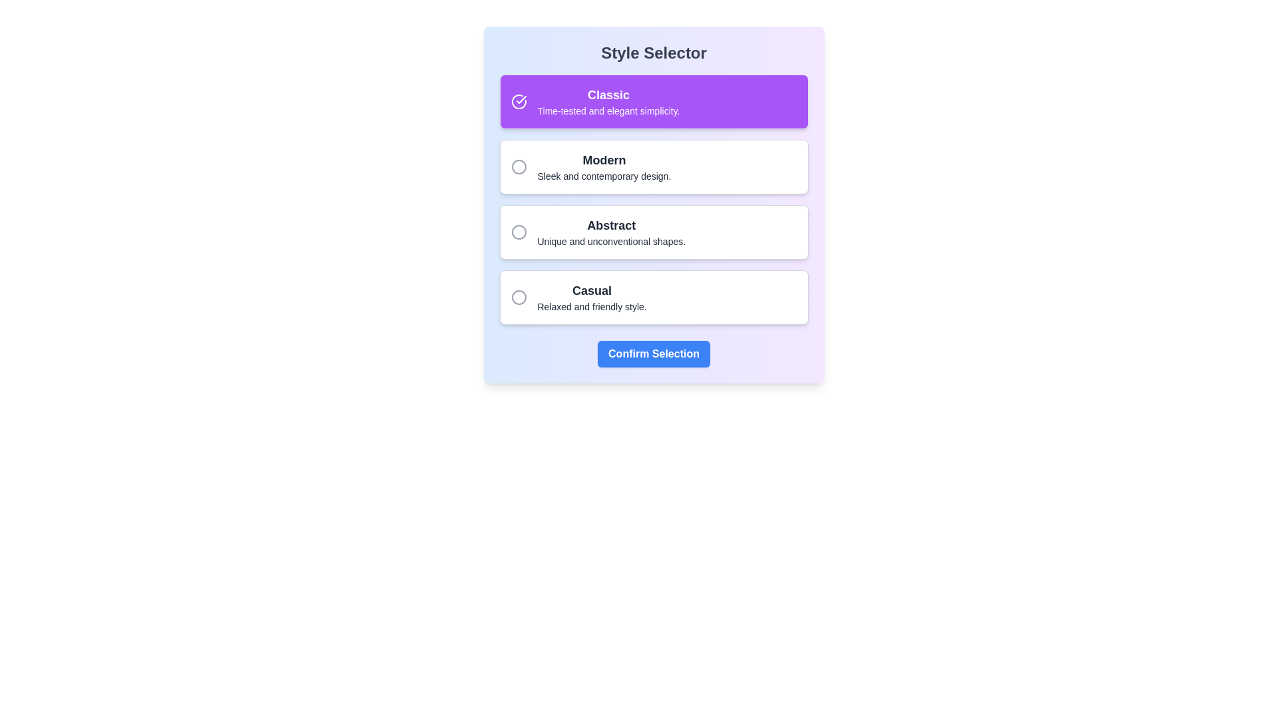  Describe the element at coordinates (518, 101) in the screenshot. I see `the circular checkmark icon with a white checkmark on a purple background, located in the top-left corner of the 'Classic' option card in the 'Style Selector' modal` at that location.